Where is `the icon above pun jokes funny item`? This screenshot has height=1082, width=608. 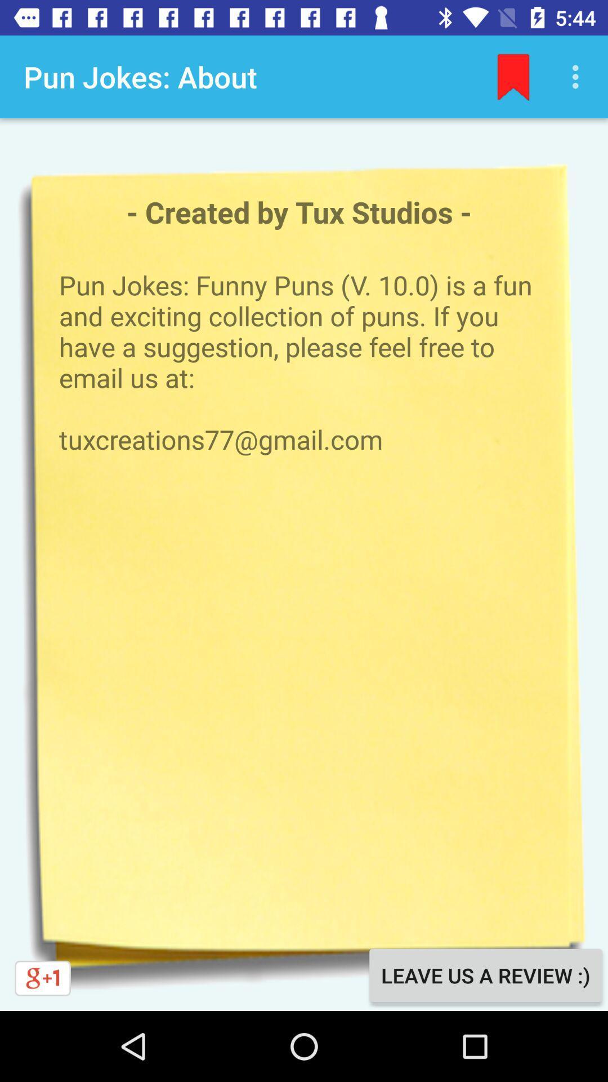
the icon above pun jokes funny item is located at coordinates (578, 76).